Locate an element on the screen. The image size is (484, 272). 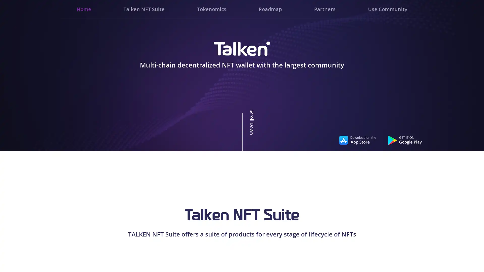
Go to slide 1 is located at coordinates (79, 214).